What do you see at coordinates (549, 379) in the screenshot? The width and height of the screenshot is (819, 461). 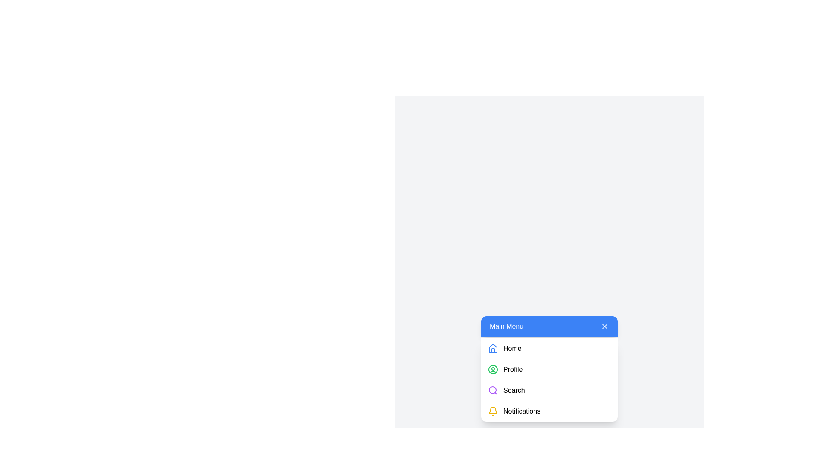 I see `the dropdown navigation menu labeled 'Main Menu' which contains options such as 'Home', 'Profile', 'Search', and 'Notifications'` at bounding box center [549, 379].